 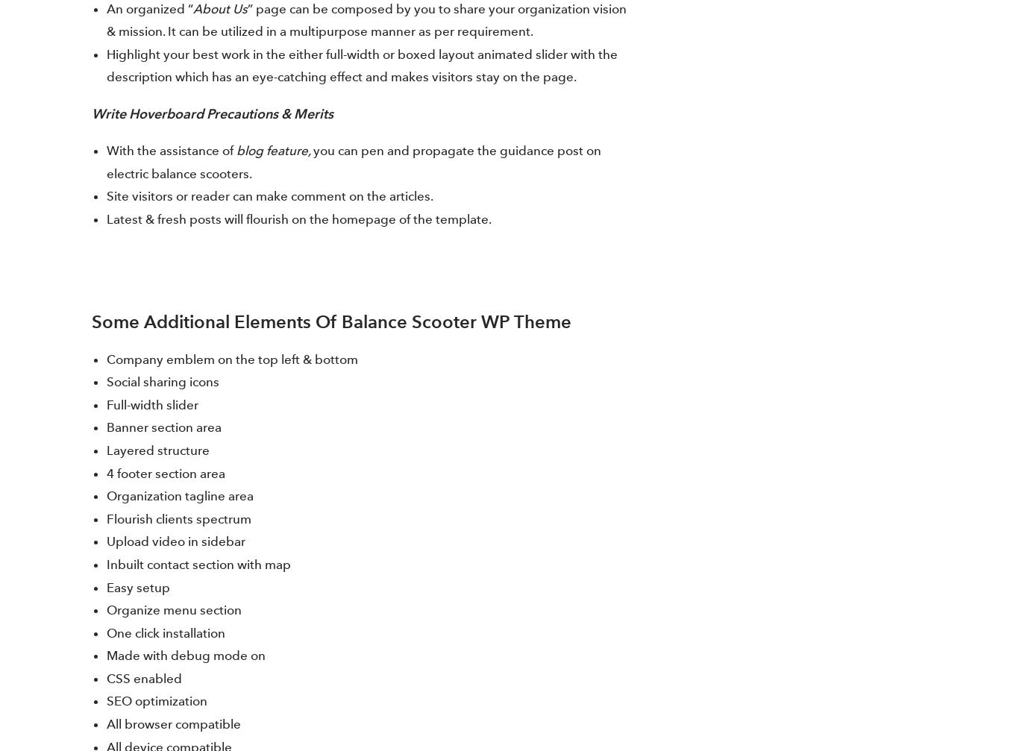 What do you see at coordinates (357, 321) in the screenshot?
I see `'Additional Elements Of Balance Scooter WP Theme'` at bounding box center [357, 321].